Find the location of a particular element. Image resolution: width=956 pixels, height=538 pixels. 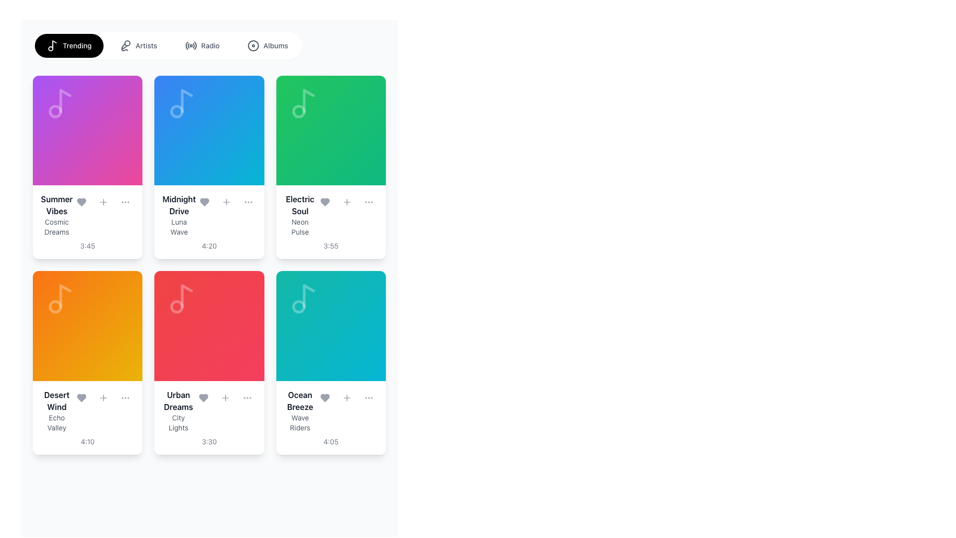

the Deco-div element representing the music card for the track 'Desert Wind', located in the second row and first column of the grid layout is located at coordinates (88, 326).